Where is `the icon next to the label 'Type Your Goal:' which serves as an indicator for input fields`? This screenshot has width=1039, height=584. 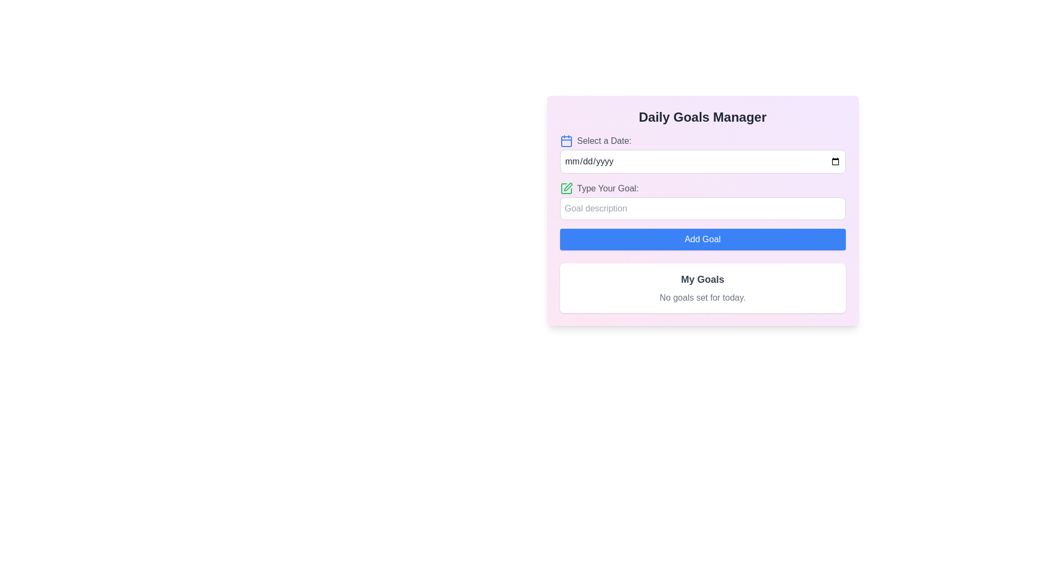
the icon next to the label 'Type Your Goal:' which serves as an indicator for input fields is located at coordinates (565, 188).